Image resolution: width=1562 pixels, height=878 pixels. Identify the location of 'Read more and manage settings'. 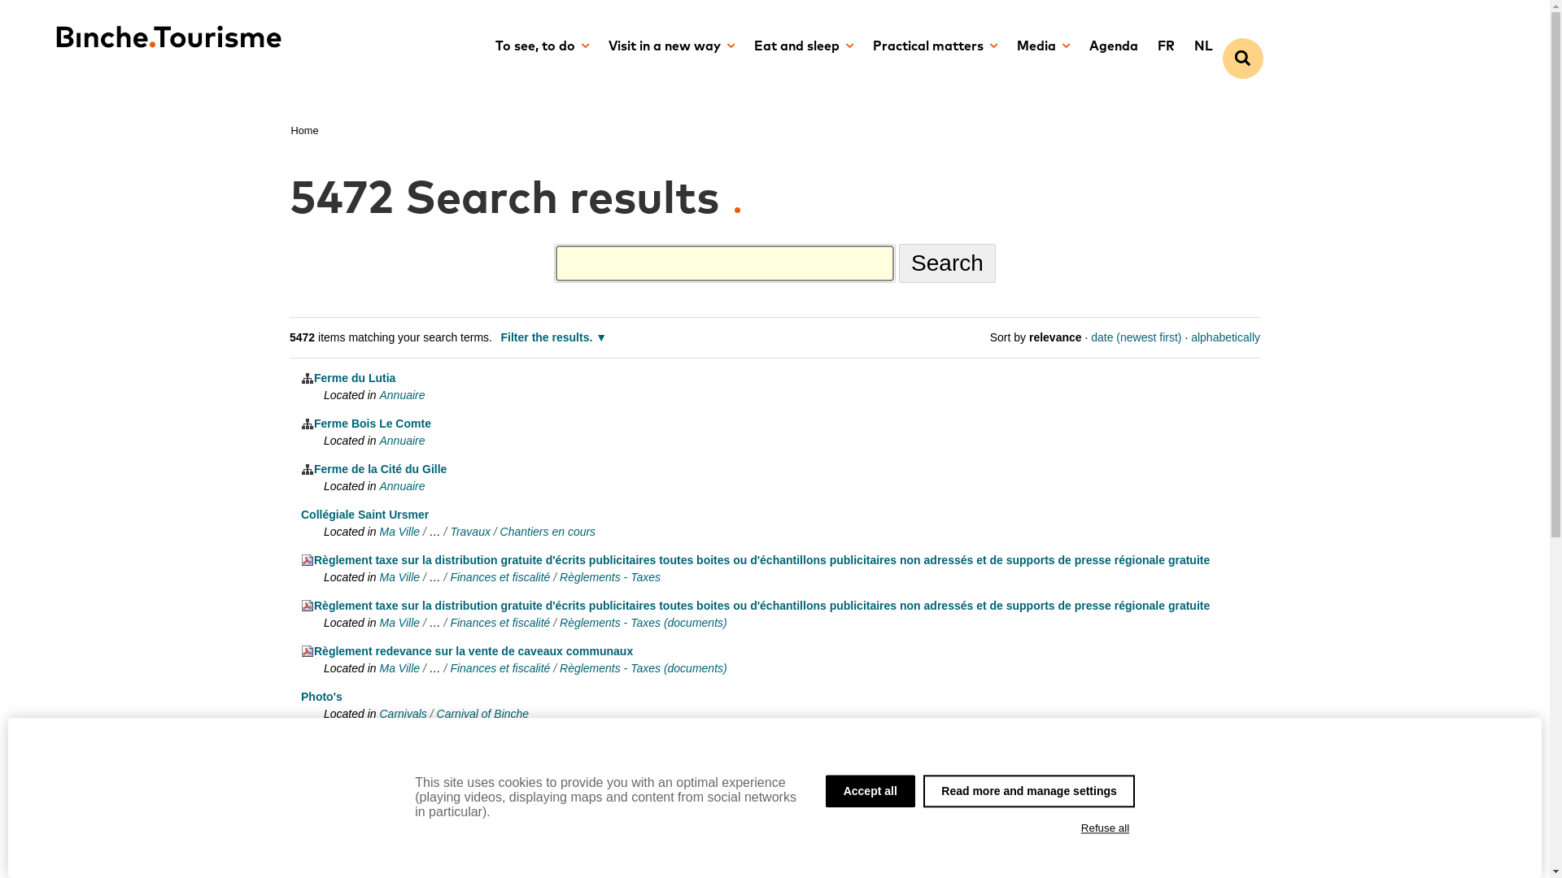
(923, 789).